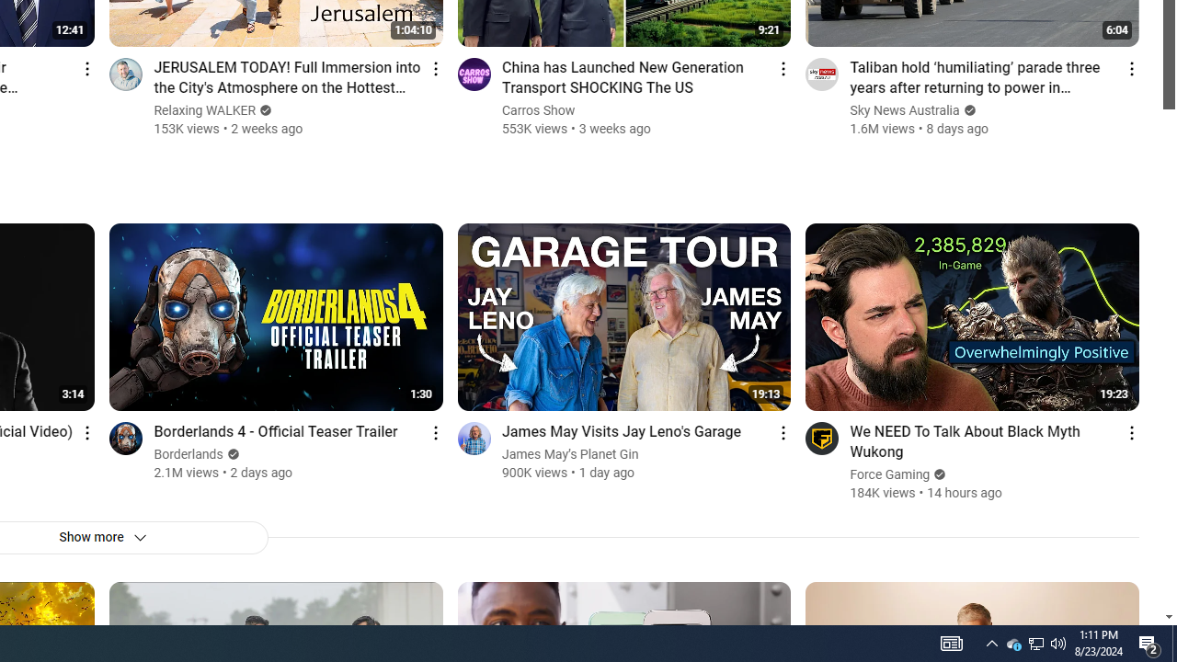 This screenshot has height=662, width=1177. What do you see at coordinates (821, 438) in the screenshot?
I see `'Go to channel'` at bounding box center [821, 438].